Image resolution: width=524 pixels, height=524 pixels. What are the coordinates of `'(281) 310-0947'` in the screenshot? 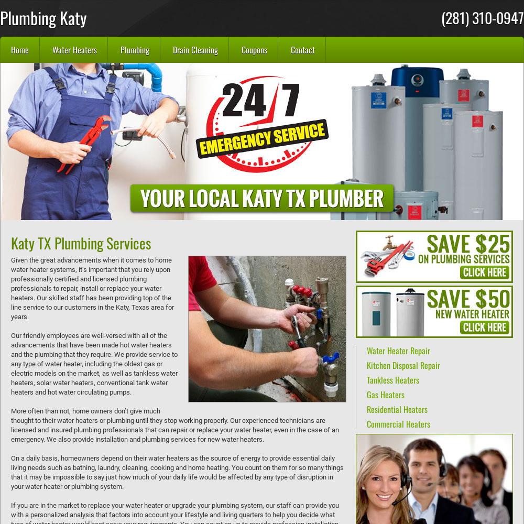 It's located at (483, 17).